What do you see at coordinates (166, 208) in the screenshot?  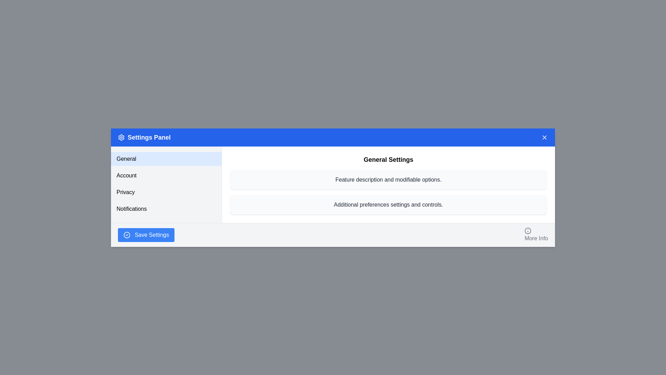 I see `the fourth button in the vertically stacked menu on the left side of the main settings panel to trigger a visual effect` at bounding box center [166, 208].